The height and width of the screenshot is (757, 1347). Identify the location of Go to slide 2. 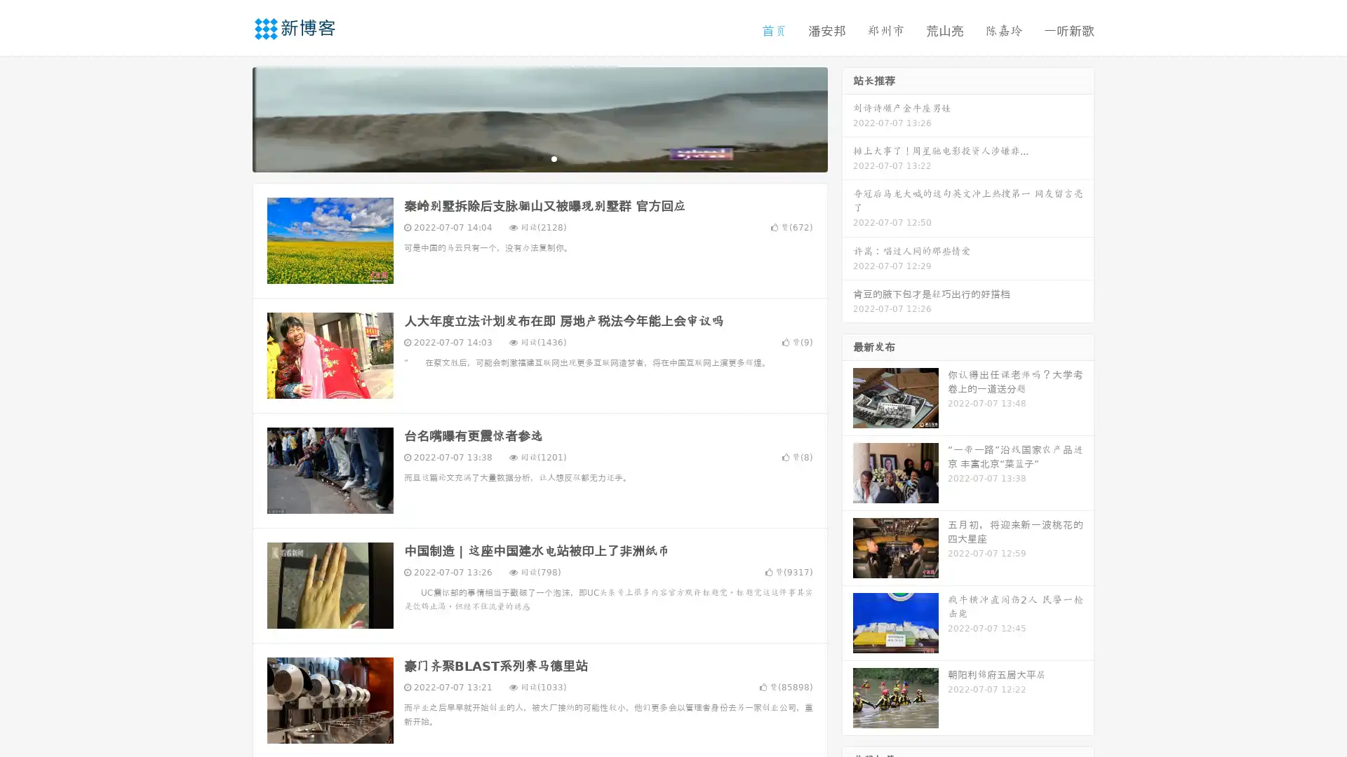
(539, 158).